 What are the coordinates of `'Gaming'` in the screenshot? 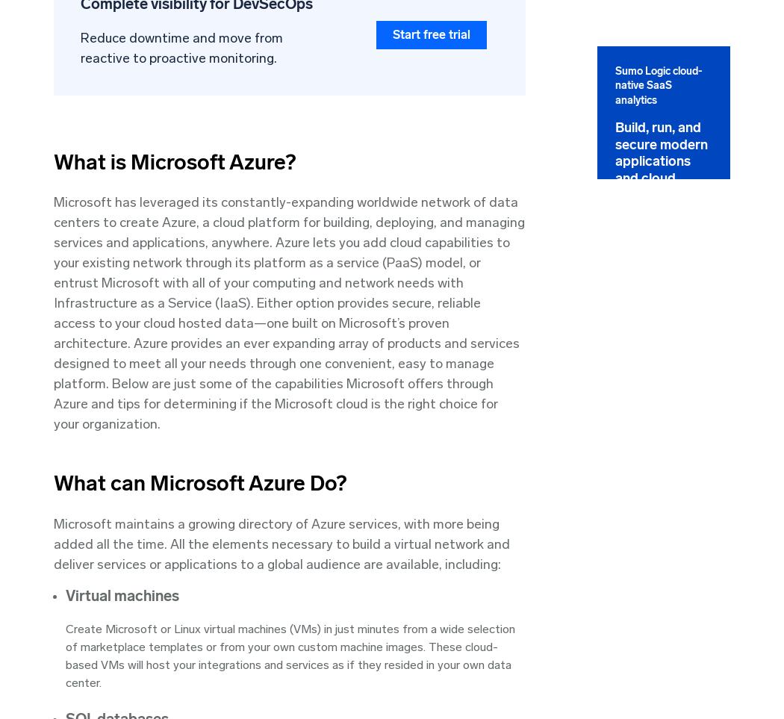 It's located at (552, 512).